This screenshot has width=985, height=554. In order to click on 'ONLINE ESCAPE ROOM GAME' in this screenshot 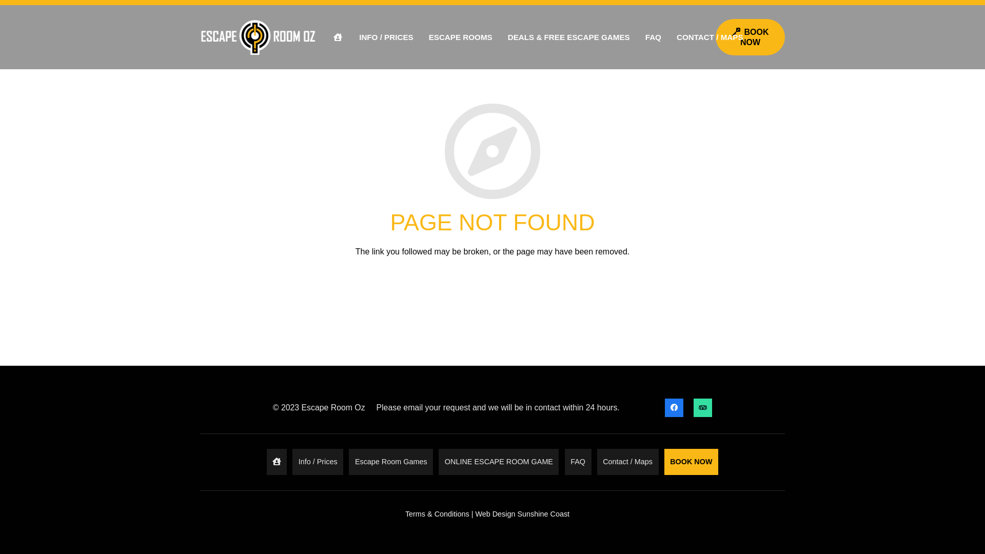, I will do `click(498, 462)`.